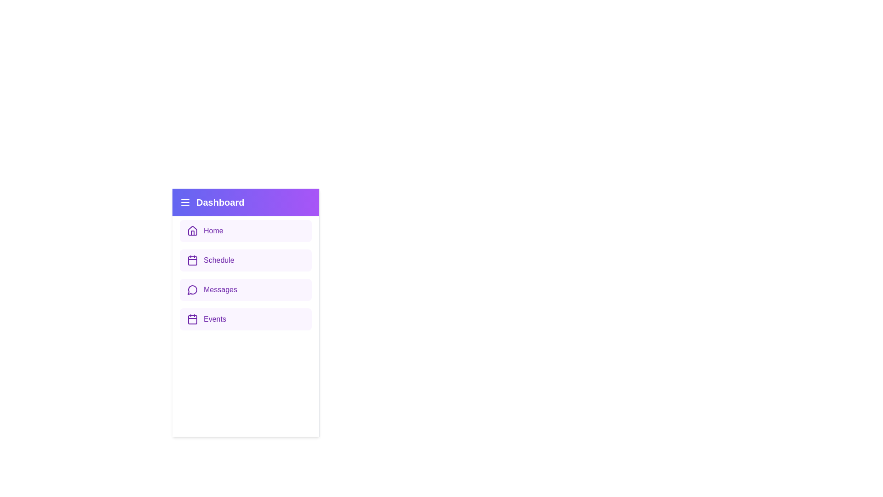 This screenshot has height=497, width=883. I want to click on the menu item labeled Events, so click(246, 319).